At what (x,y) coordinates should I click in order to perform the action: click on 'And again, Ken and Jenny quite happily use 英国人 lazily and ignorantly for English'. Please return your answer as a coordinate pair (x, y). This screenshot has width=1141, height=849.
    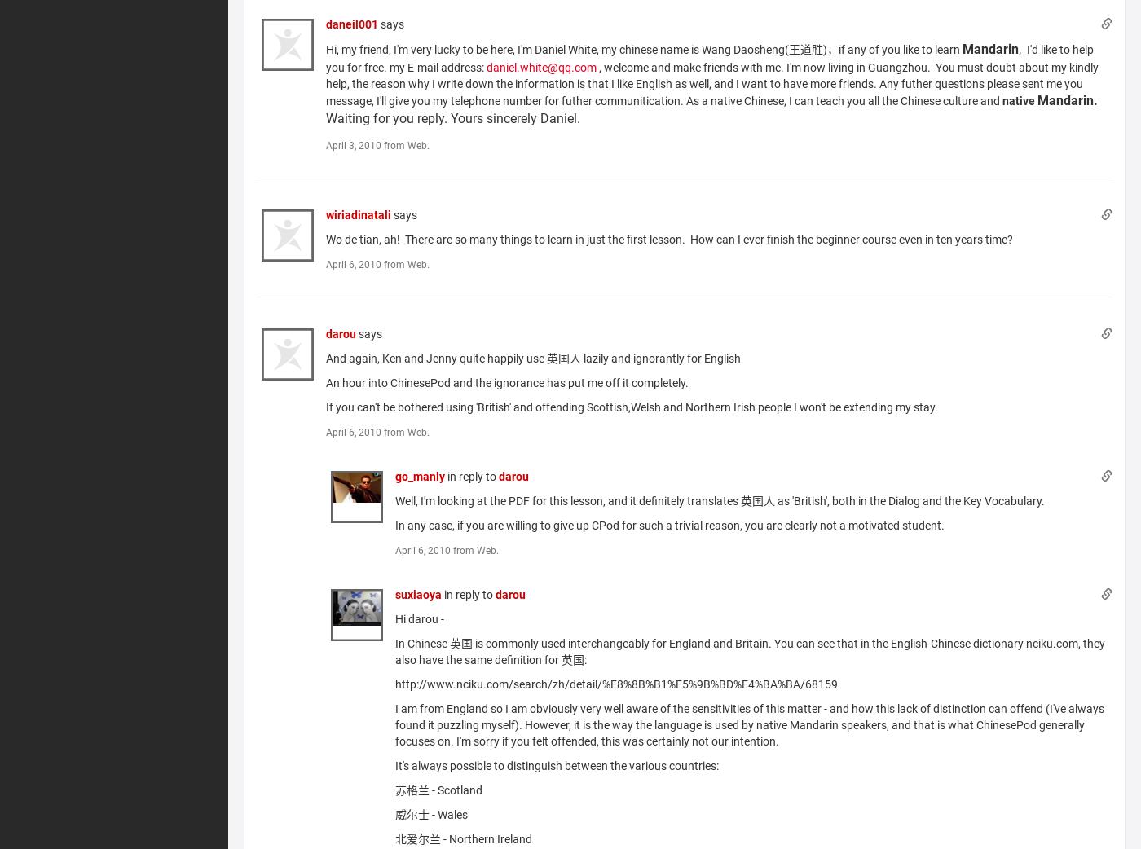
    Looking at the image, I should click on (533, 359).